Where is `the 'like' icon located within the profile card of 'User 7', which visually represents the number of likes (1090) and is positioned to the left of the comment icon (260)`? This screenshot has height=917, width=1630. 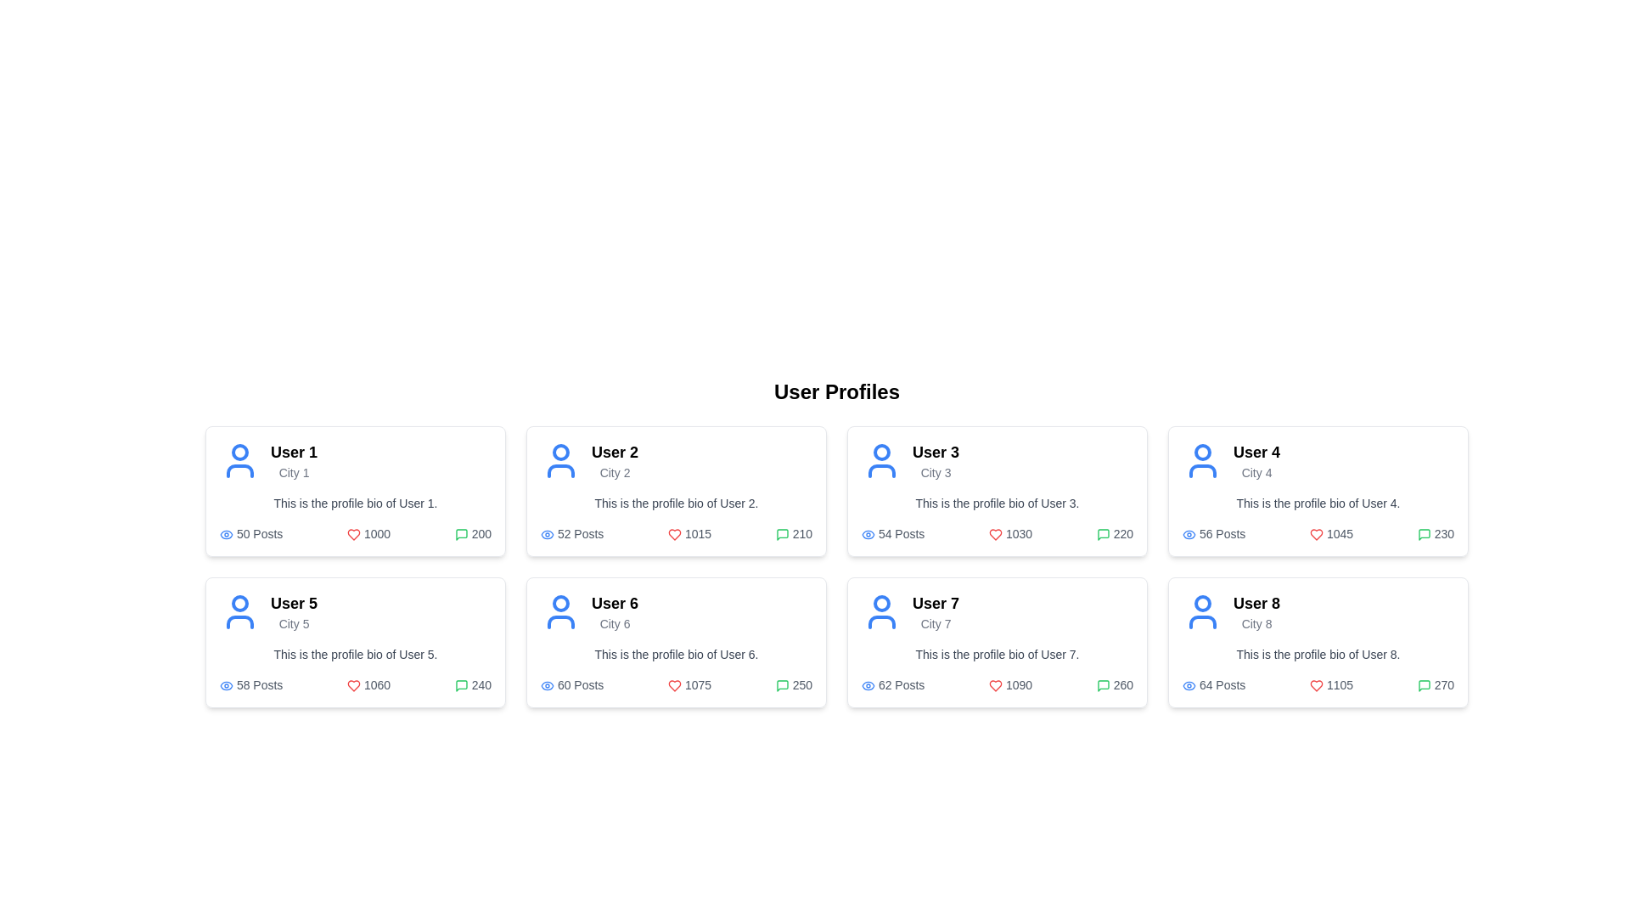 the 'like' icon located within the profile card of 'User 7', which visually represents the number of likes (1090) and is positioned to the left of the comment icon (260) is located at coordinates (996, 685).